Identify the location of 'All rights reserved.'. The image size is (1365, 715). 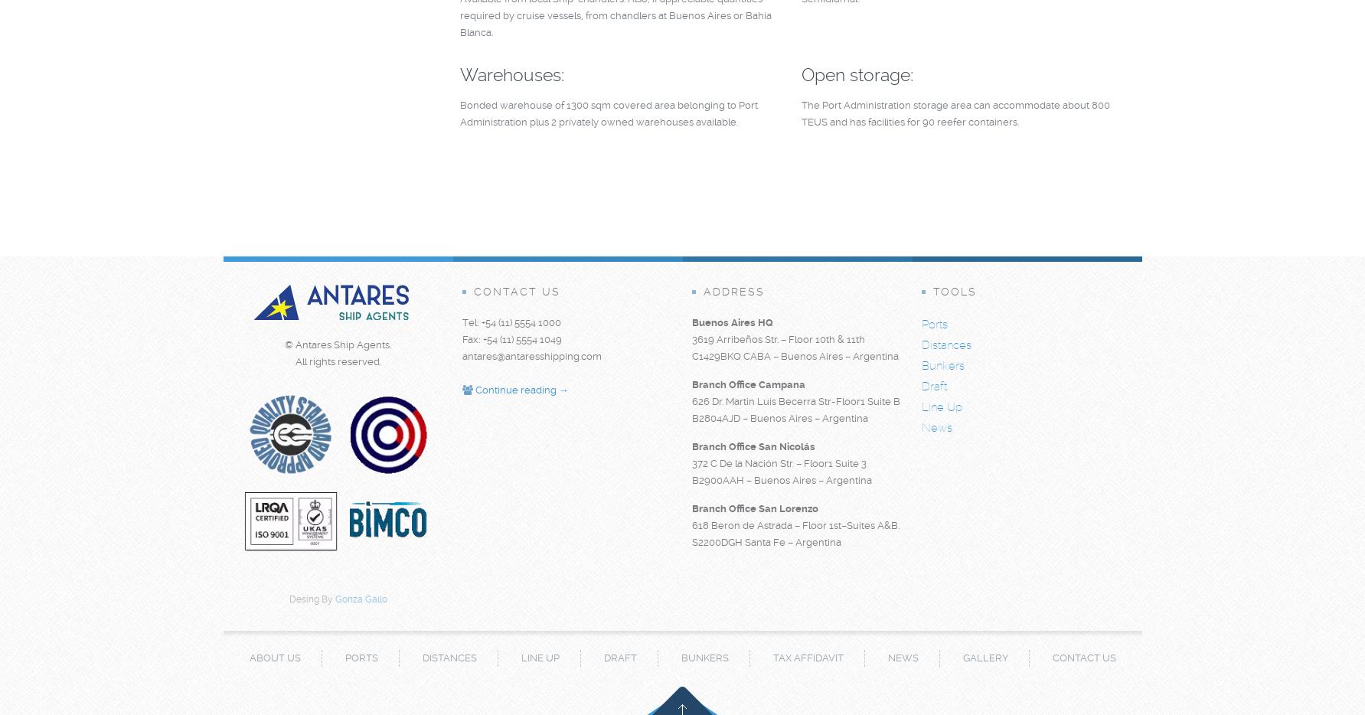
(337, 361).